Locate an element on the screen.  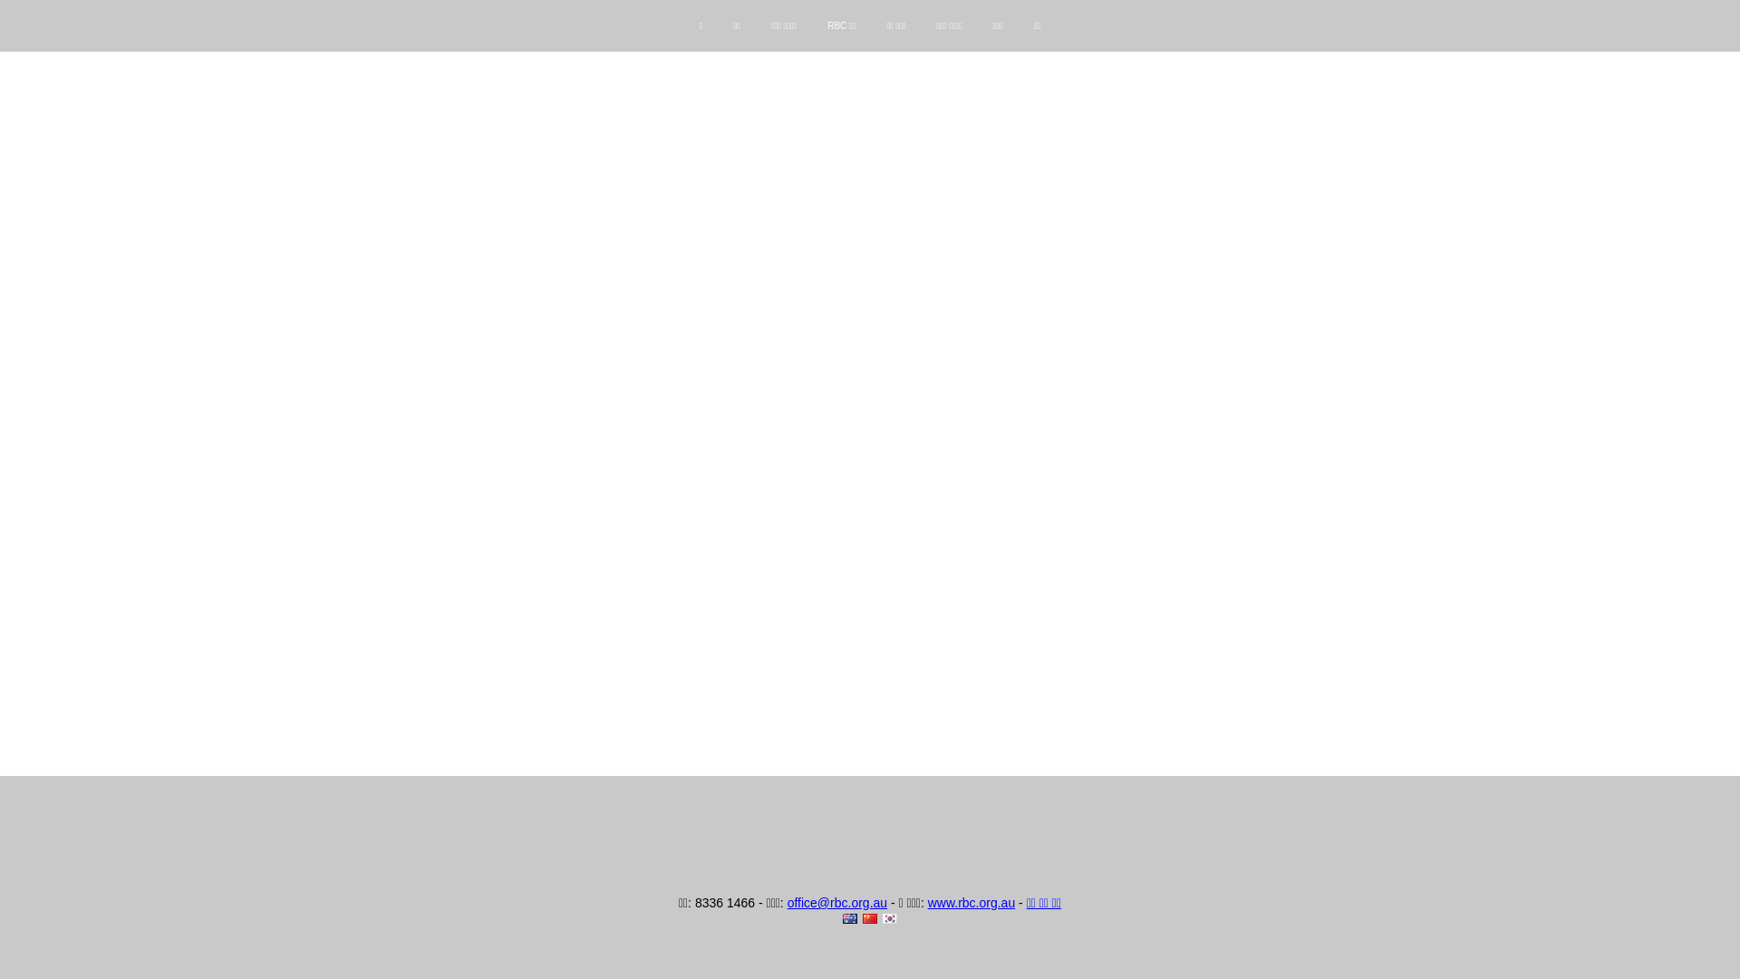
'www.rbc.org.au' is located at coordinates (970, 902).